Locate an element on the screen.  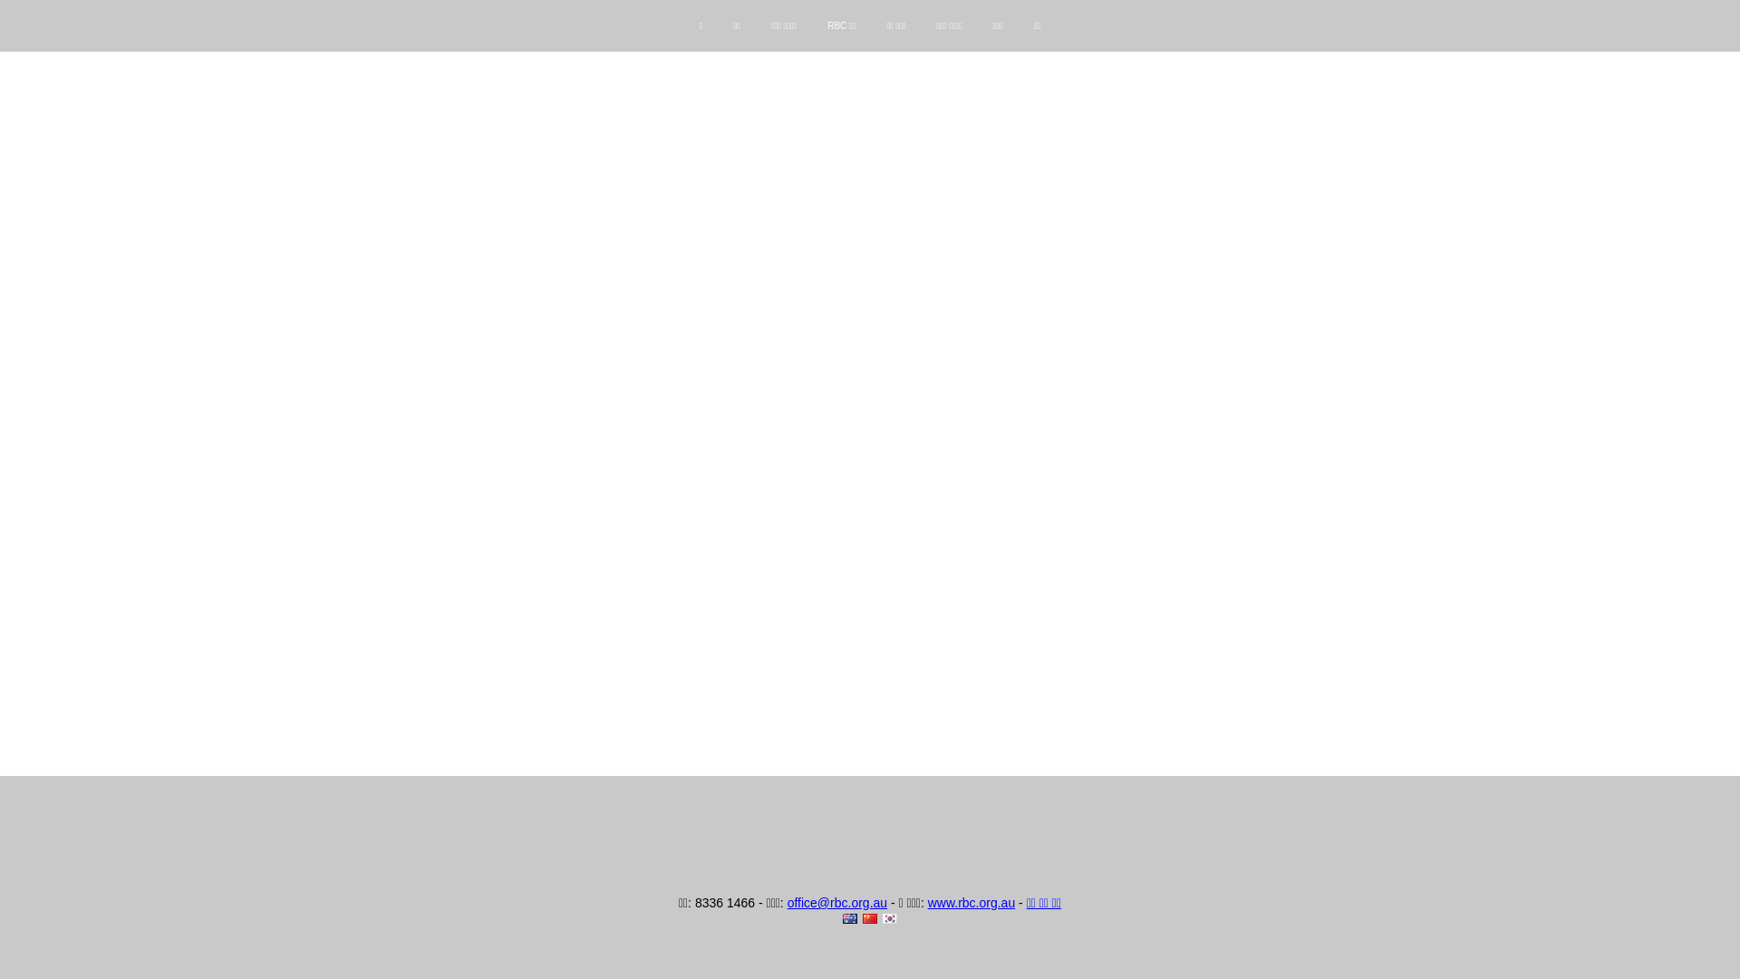
'www.rbc.org.au' is located at coordinates (970, 902).